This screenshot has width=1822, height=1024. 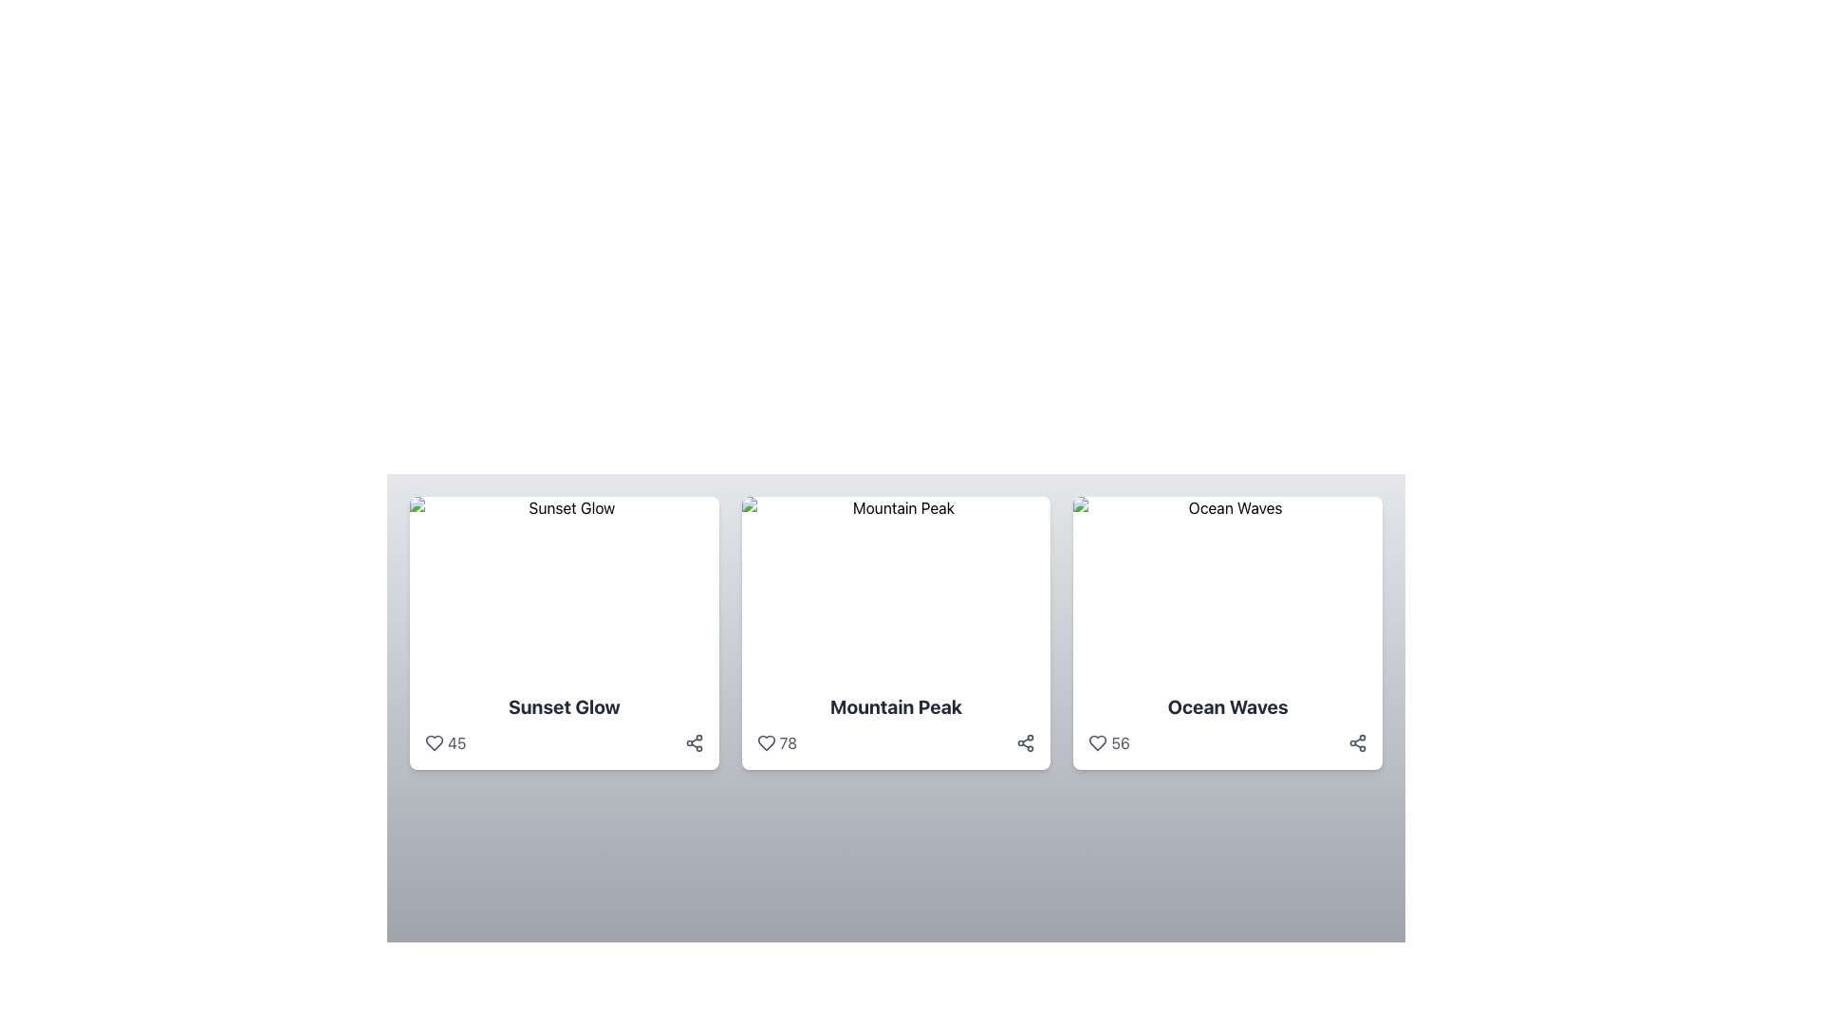 What do you see at coordinates (1098, 741) in the screenshot?
I see `the like button located at the bottom-left corner of the 'Ocean Waves' card` at bounding box center [1098, 741].